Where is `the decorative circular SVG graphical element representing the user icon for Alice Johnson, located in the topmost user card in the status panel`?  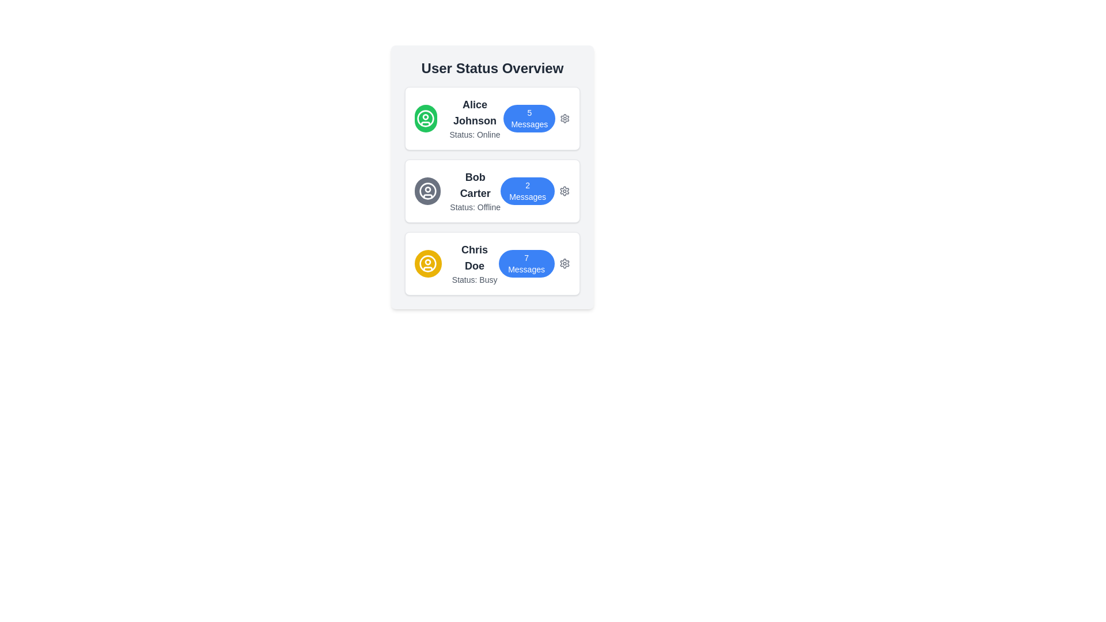 the decorative circular SVG graphical element representing the user icon for Alice Johnson, located in the topmost user card in the status panel is located at coordinates (425, 118).